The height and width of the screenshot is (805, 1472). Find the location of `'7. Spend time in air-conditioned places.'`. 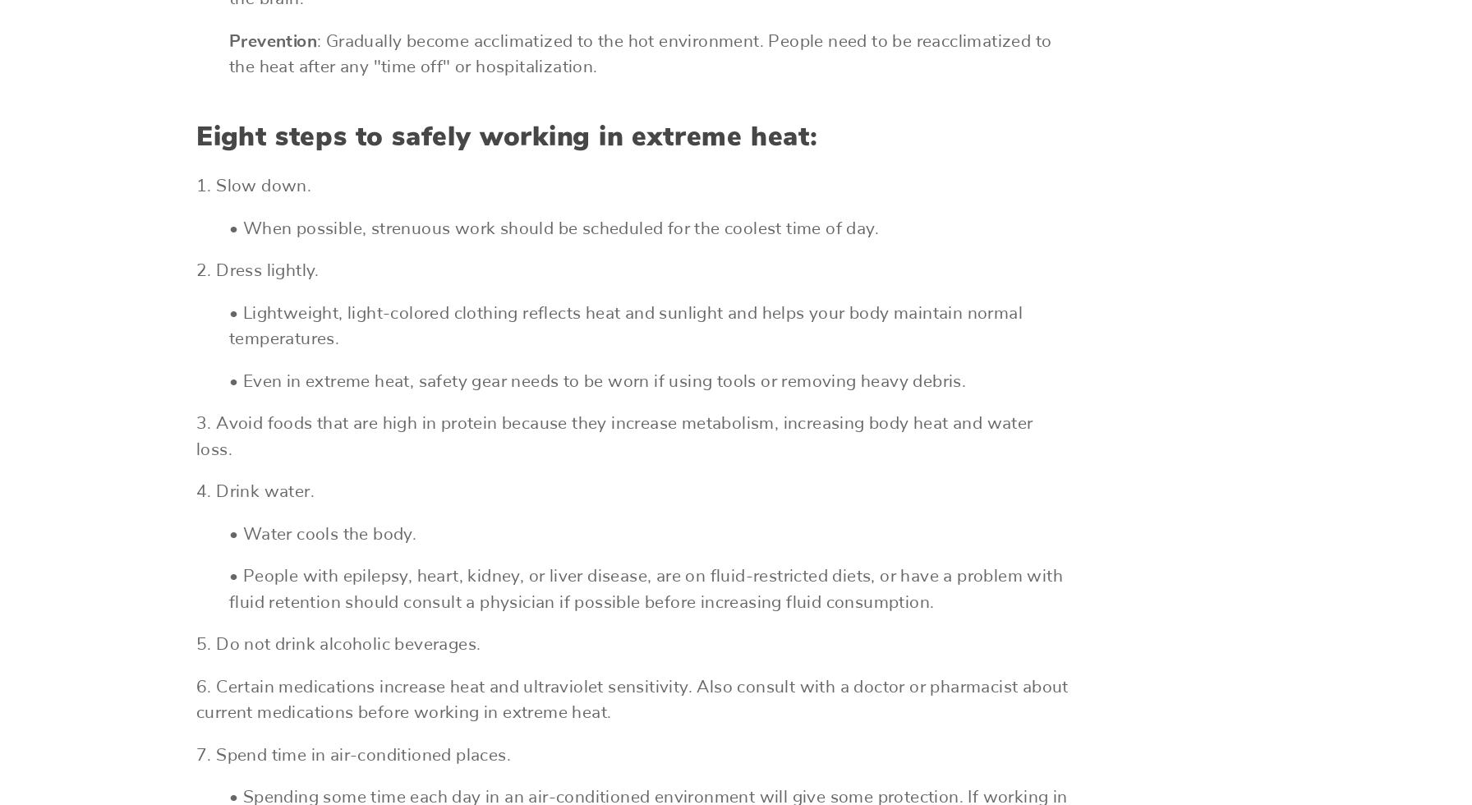

'7. Spend time in air-conditioned places.' is located at coordinates (353, 754).